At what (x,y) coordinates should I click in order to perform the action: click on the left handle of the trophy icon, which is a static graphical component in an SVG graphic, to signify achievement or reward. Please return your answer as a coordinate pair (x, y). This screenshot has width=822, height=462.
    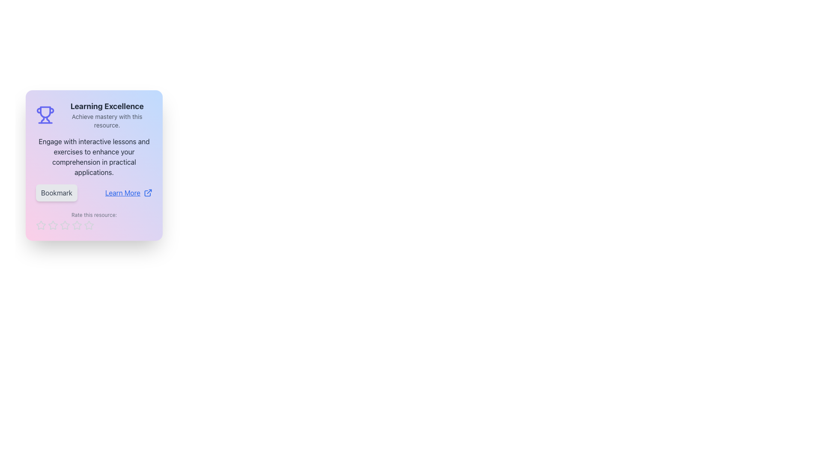
    Looking at the image, I should click on (39, 110).